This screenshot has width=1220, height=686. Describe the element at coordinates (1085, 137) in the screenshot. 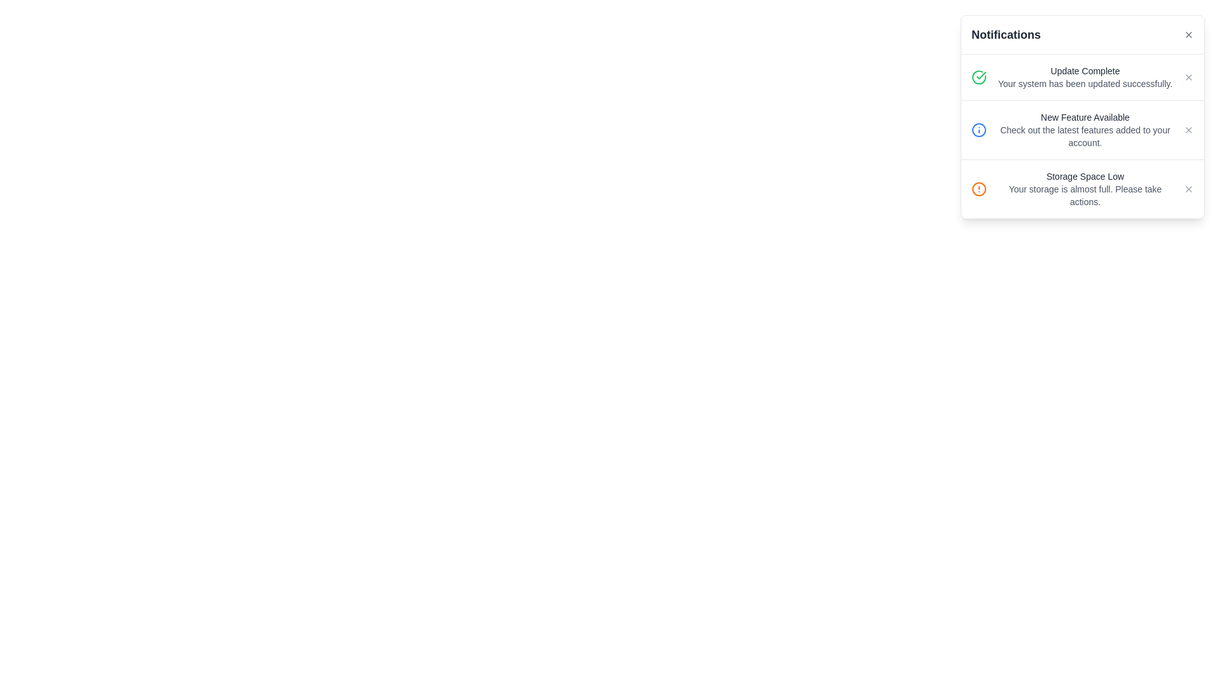

I see `descriptive text label providing details about the 'New Feature Available' notification, which is located in the notification panel below the title text` at that location.